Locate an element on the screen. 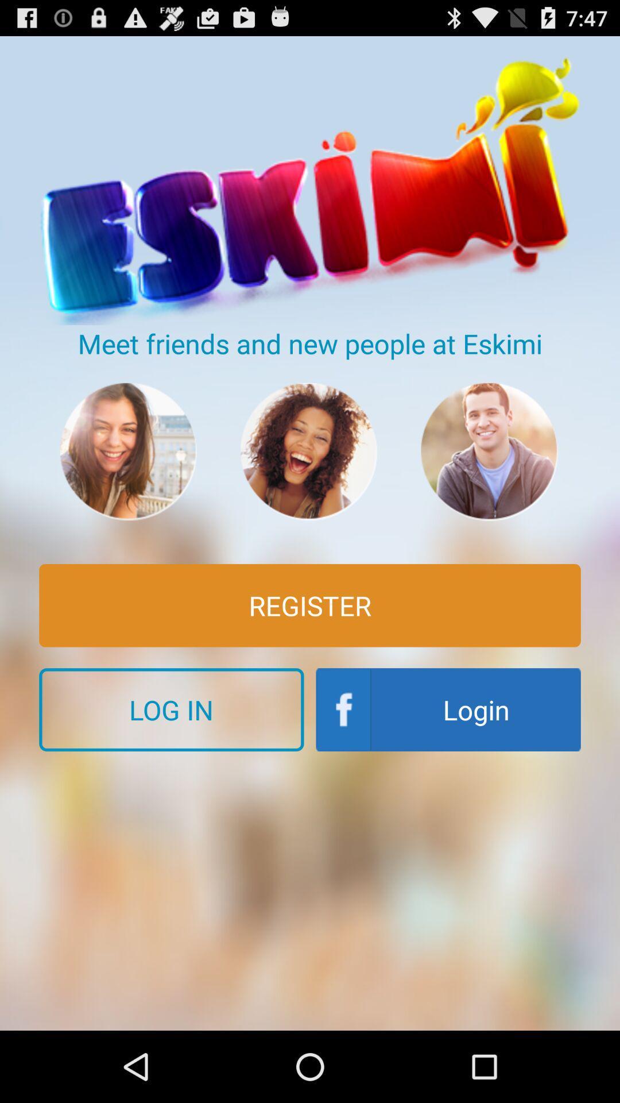  register item is located at coordinates (310, 605).